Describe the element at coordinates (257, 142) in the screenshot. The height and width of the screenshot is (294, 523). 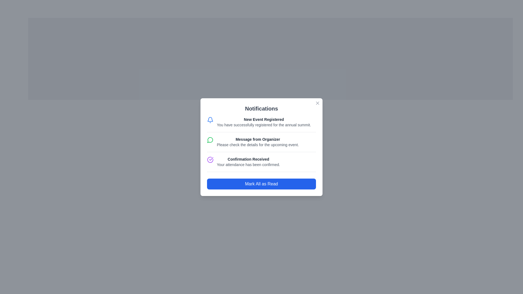
I see `the text block displaying 'Message from Organizer.' which is centrally located in the notifications popup window between 'New Event Registered' and 'Confirmation Received.'` at that location.